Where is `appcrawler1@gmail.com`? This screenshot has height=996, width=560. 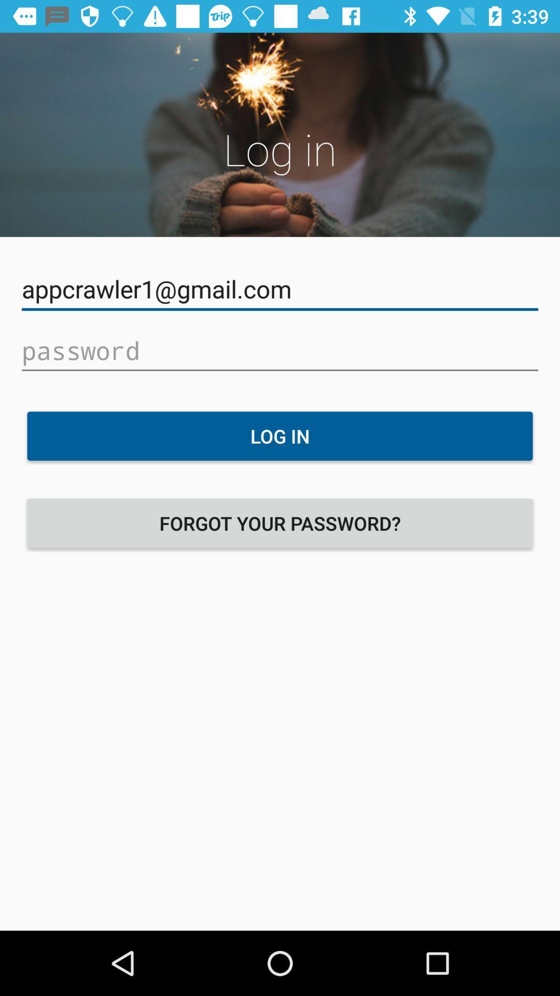
appcrawler1@gmail.com is located at coordinates (280, 289).